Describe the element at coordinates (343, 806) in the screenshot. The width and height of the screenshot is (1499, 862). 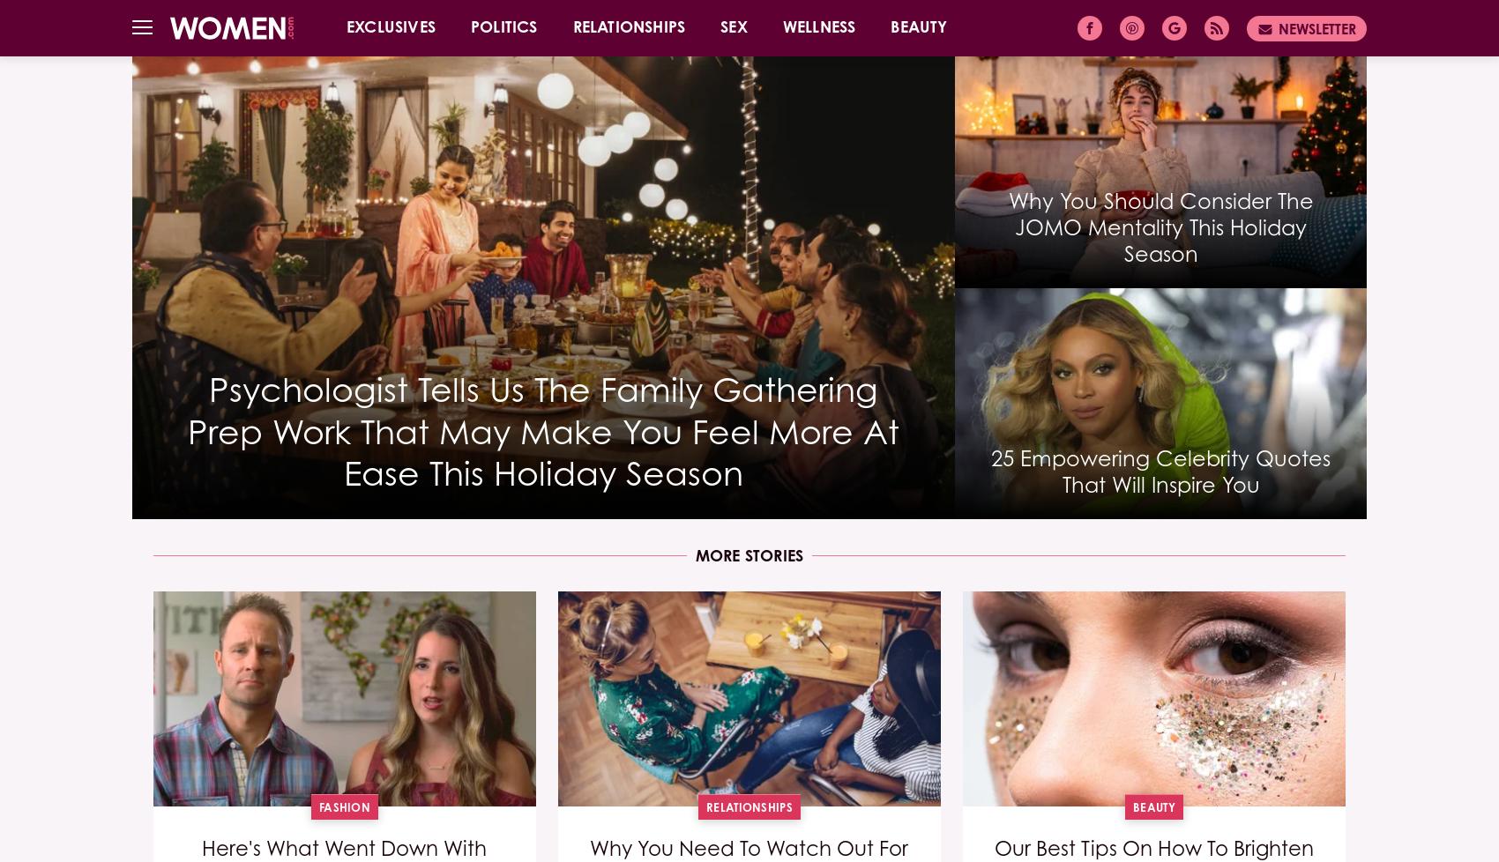
I see `'Fashion'` at that location.